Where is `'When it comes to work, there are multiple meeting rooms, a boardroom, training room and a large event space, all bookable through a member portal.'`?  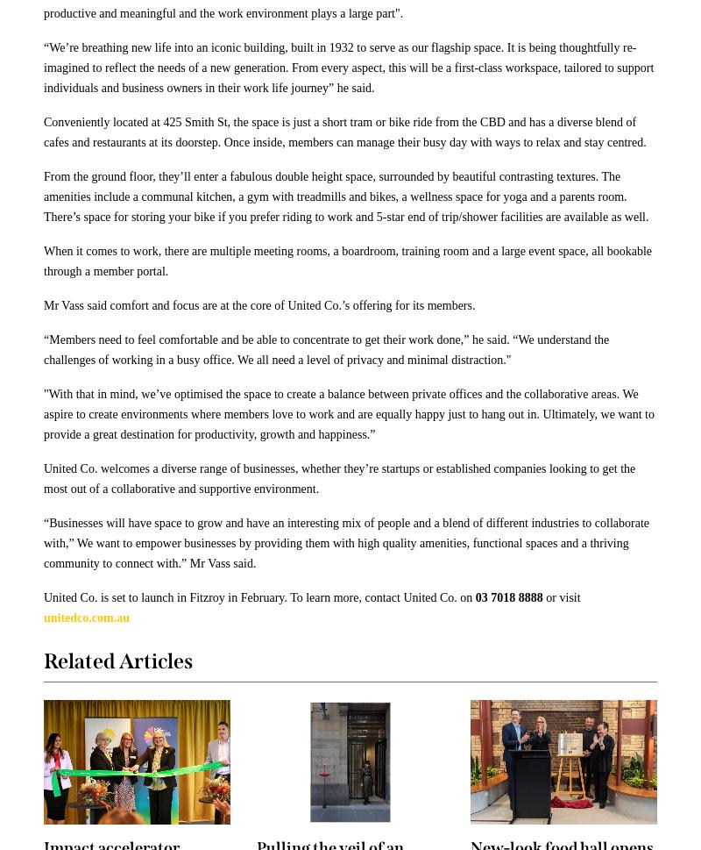
'When it comes to work, there are multiple meeting rooms, a boardroom, training room and a large event space, all bookable through a member portal.' is located at coordinates (347, 261).